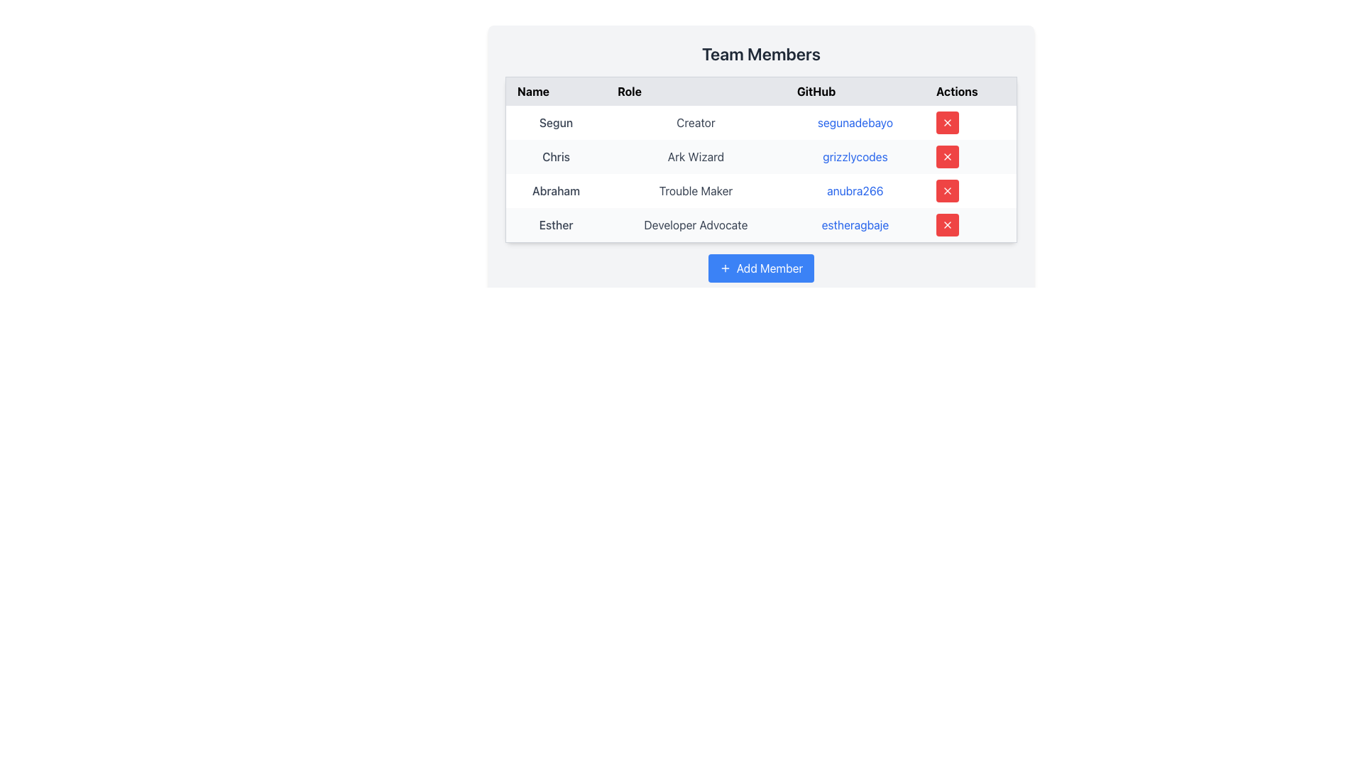 The height and width of the screenshot is (767, 1363). Describe the element at coordinates (760, 122) in the screenshot. I see `the first table row in the 'Team Members' section to highlight it` at that location.